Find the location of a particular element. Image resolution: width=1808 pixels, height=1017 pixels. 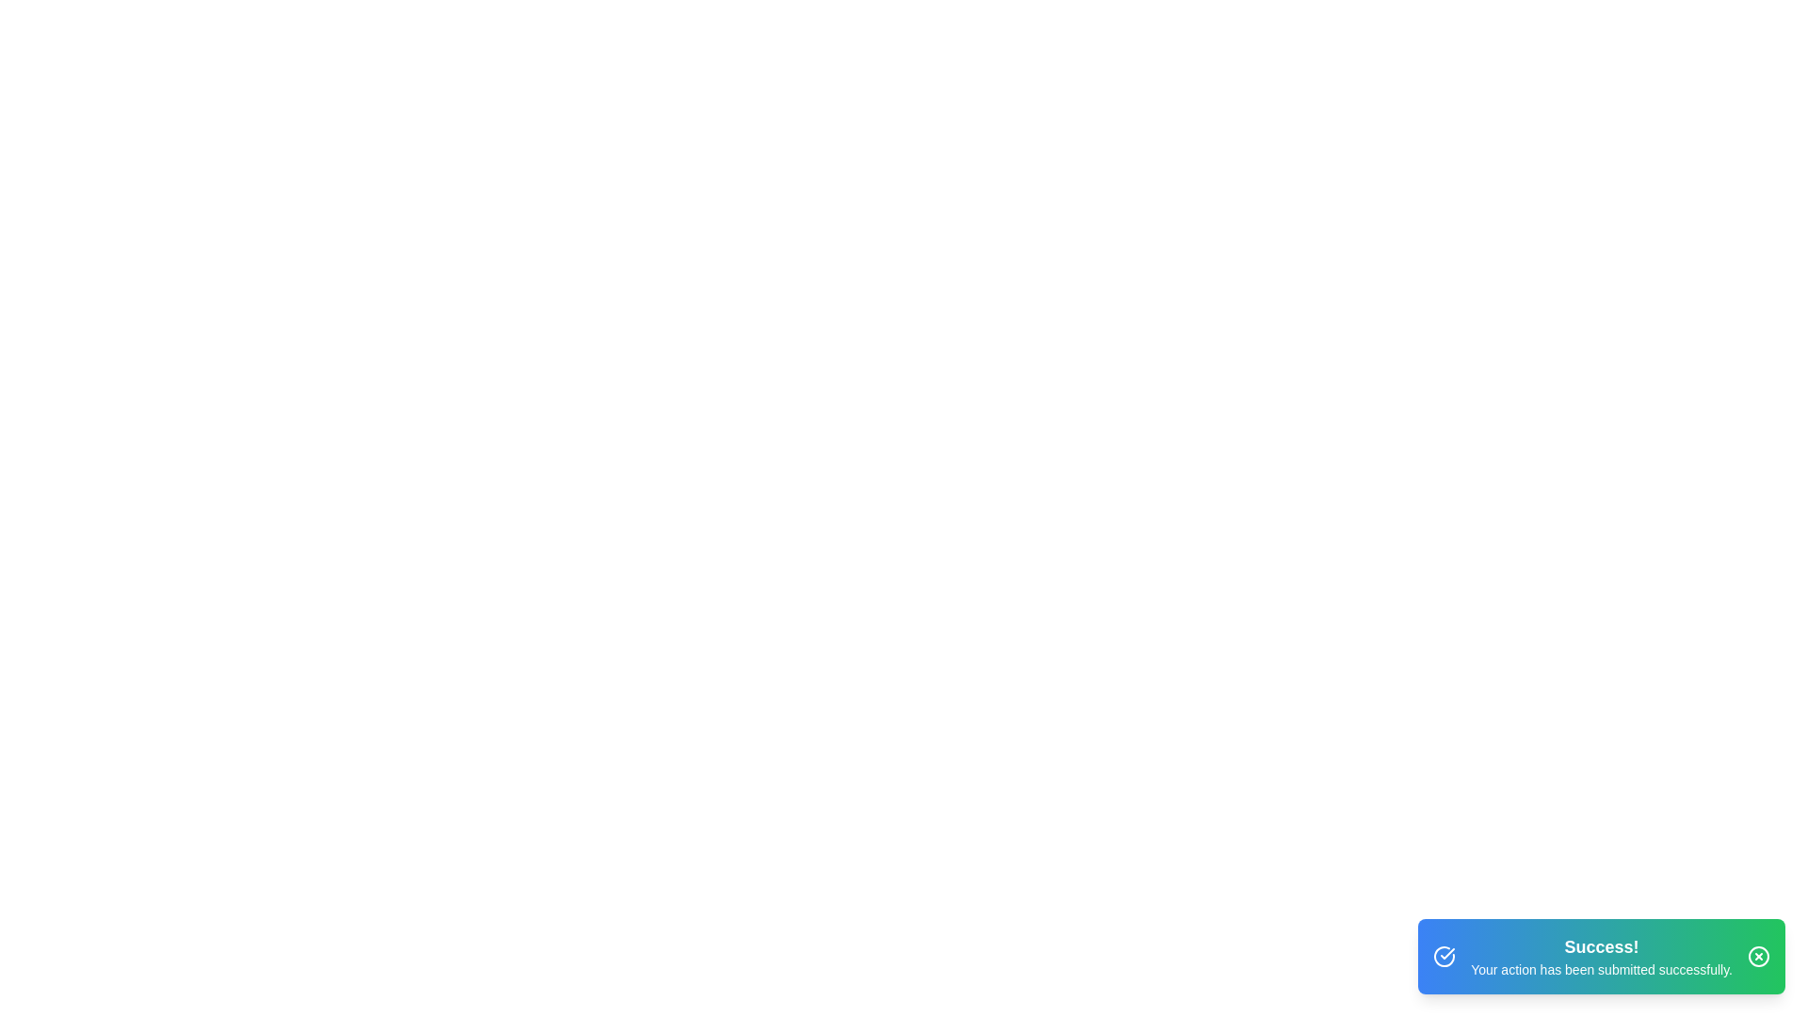

the notification icon to highlight it is located at coordinates (1444, 956).